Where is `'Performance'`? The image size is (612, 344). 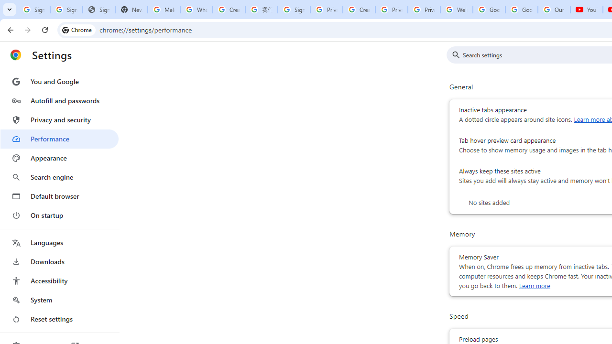
'Performance' is located at coordinates (59, 139).